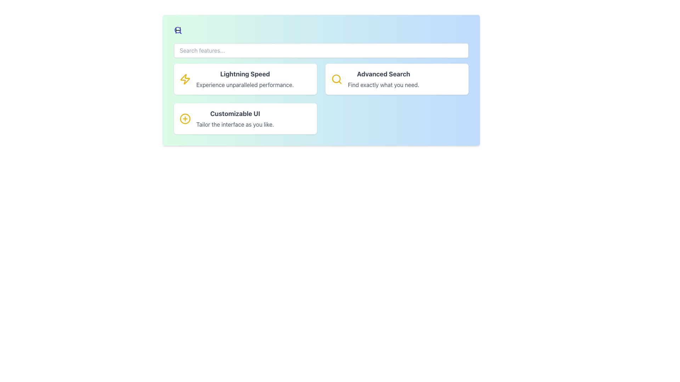 The width and height of the screenshot is (680, 382). What do you see at coordinates (383, 84) in the screenshot?
I see `the text label displaying 'Find exactly what you need.' which is located directly below 'Advanced Search' in the rightmost card of a three-card layout` at bounding box center [383, 84].